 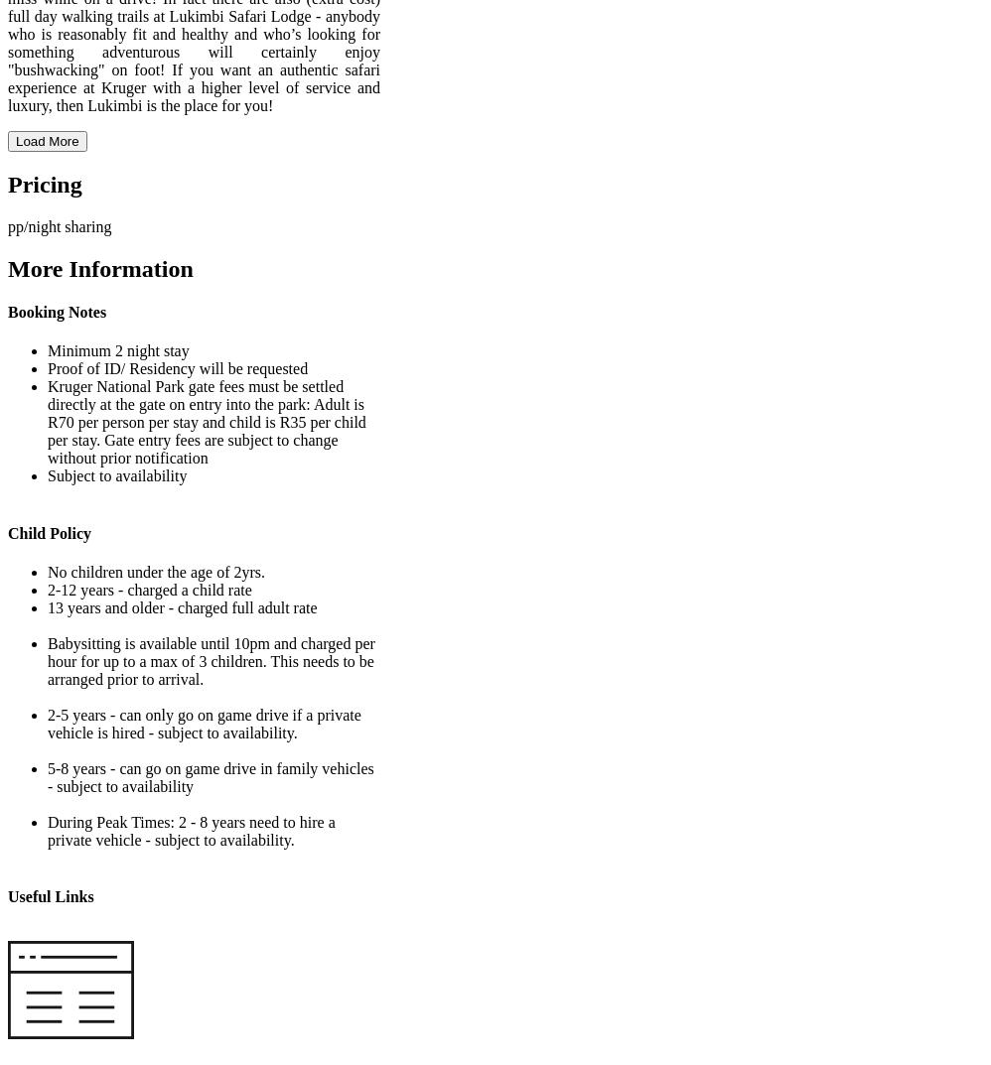 I want to click on 'Babysitting is available until 10pm and charged per hour for up to a max of 3 children. This needs to be arranged prior to arrival.', so click(x=211, y=660).